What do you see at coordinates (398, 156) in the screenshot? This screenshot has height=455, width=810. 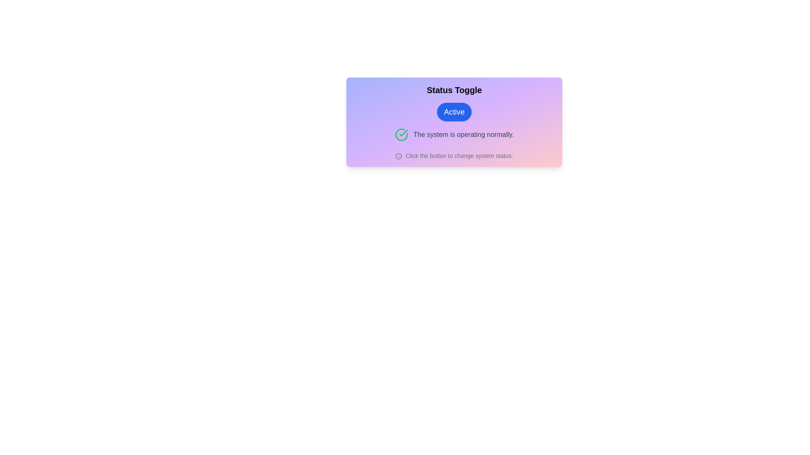 I see `the informational icon to view the tooltip` at bounding box center [398, 156].